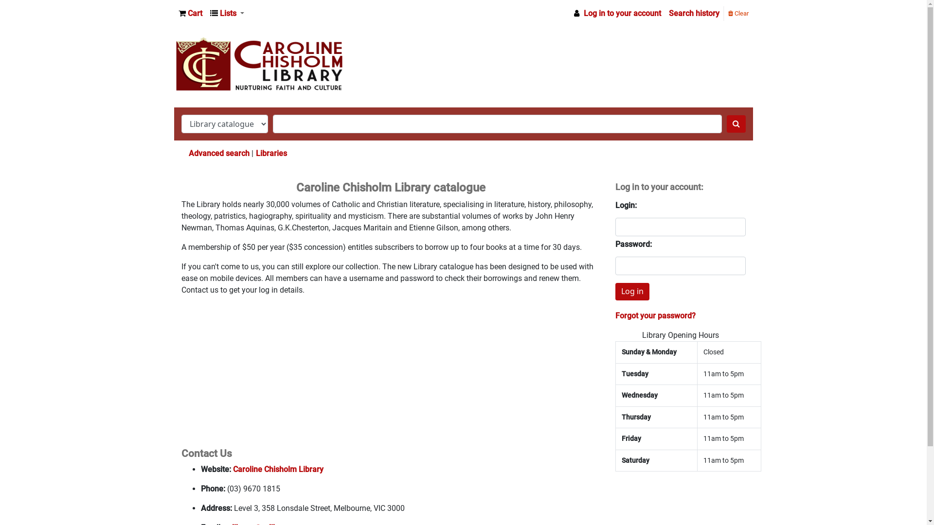  What do you see at coordinates (271, 153) in the screenshot?
I see `'Libraries'` at bounding box center [271, 153].